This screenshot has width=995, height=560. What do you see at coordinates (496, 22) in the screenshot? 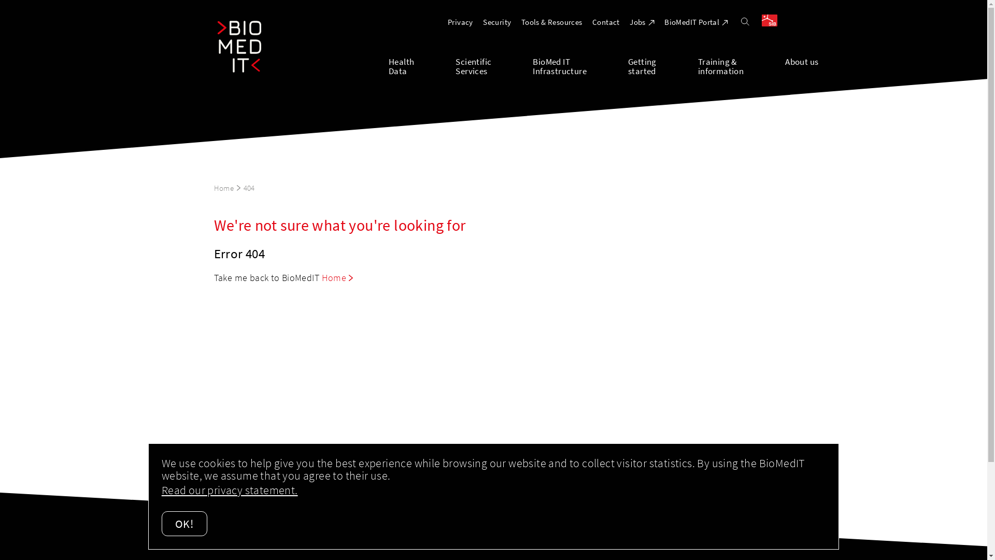
I see `'Security'` at bounding box center [496, 22].